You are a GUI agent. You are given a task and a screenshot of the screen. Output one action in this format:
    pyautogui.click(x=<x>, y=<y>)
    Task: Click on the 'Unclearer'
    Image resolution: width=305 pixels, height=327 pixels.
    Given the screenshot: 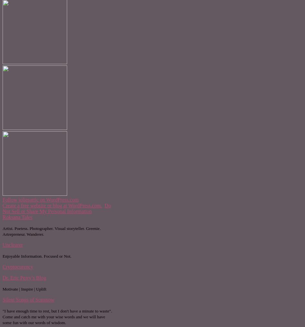 What is the action you would take?
    pyautogui.click(x=13, y=244)
    